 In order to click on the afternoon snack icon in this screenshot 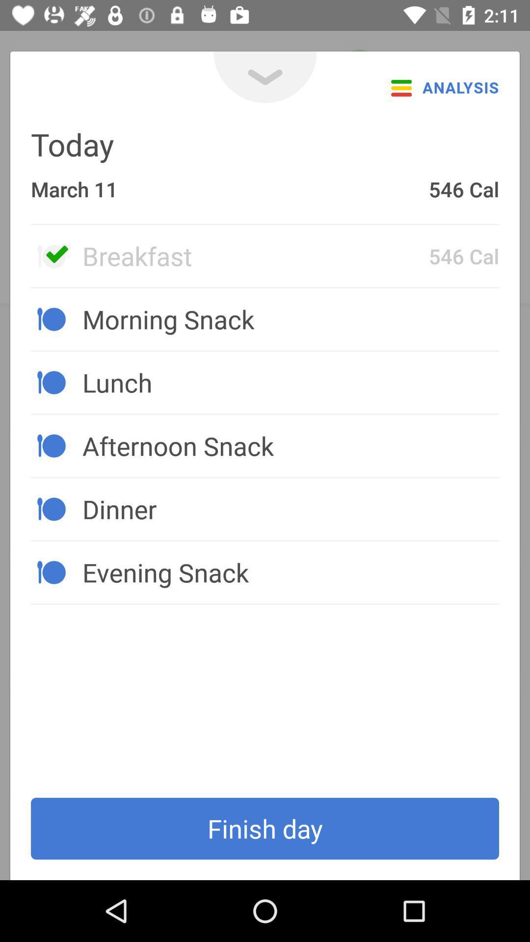, I will do `click(290, 445)`.